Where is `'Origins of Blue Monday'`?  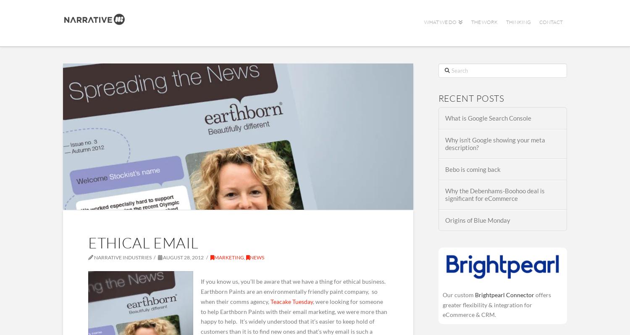 'Origins of Blue Monday' is located at coordinates (478, 219).